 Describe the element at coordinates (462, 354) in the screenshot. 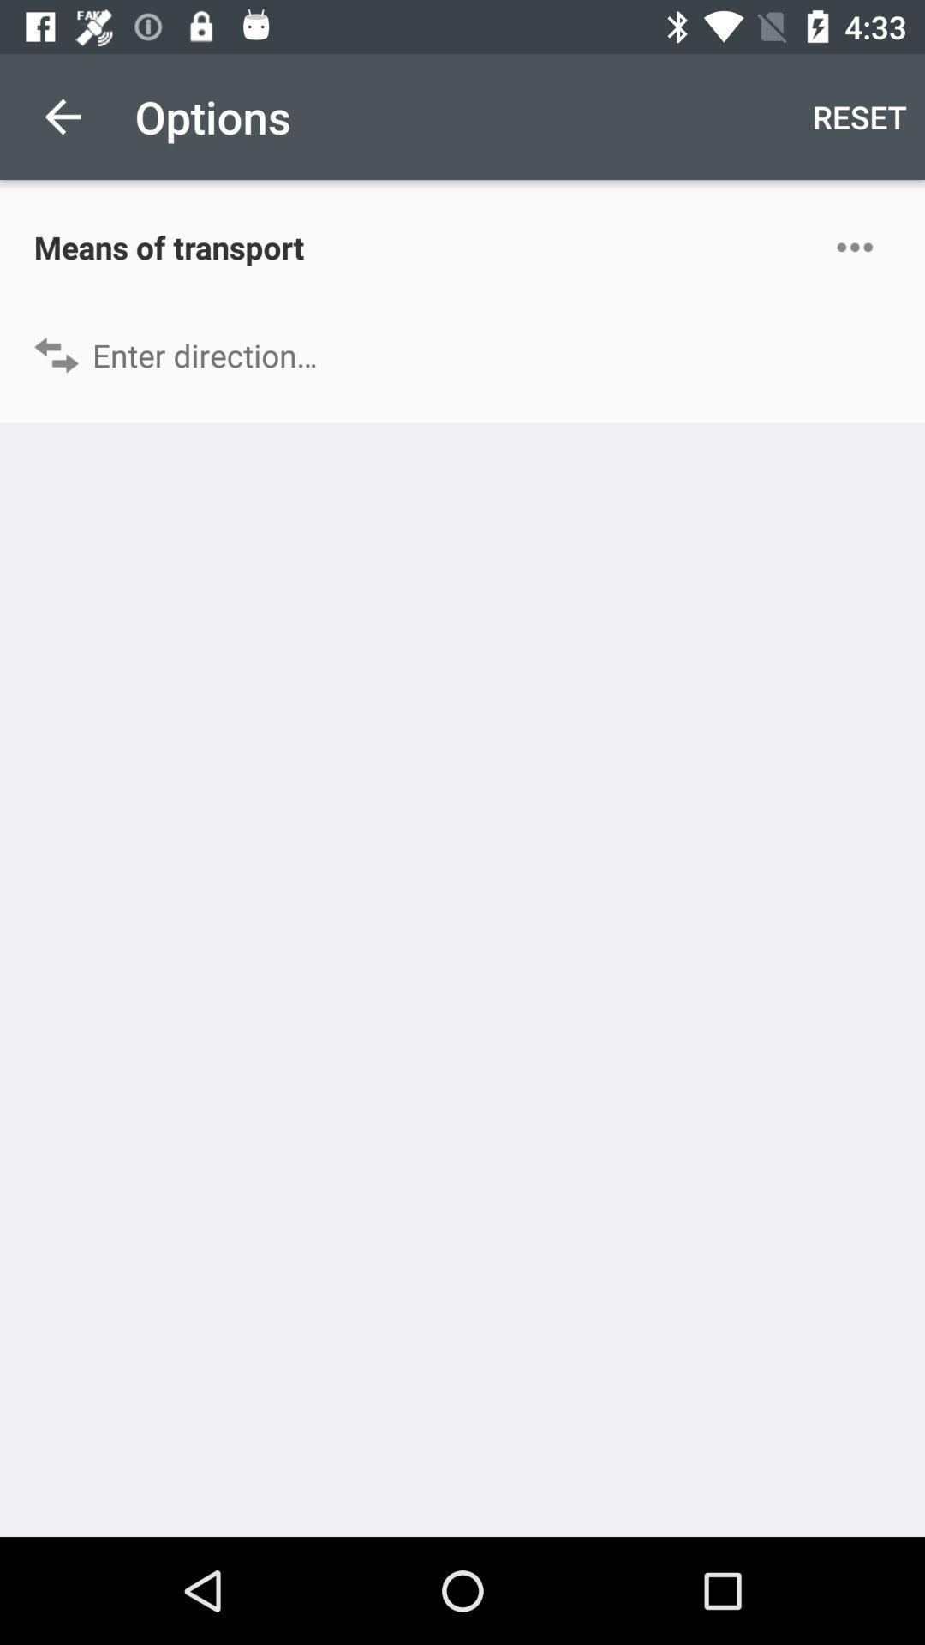

I see `direction` at that location.